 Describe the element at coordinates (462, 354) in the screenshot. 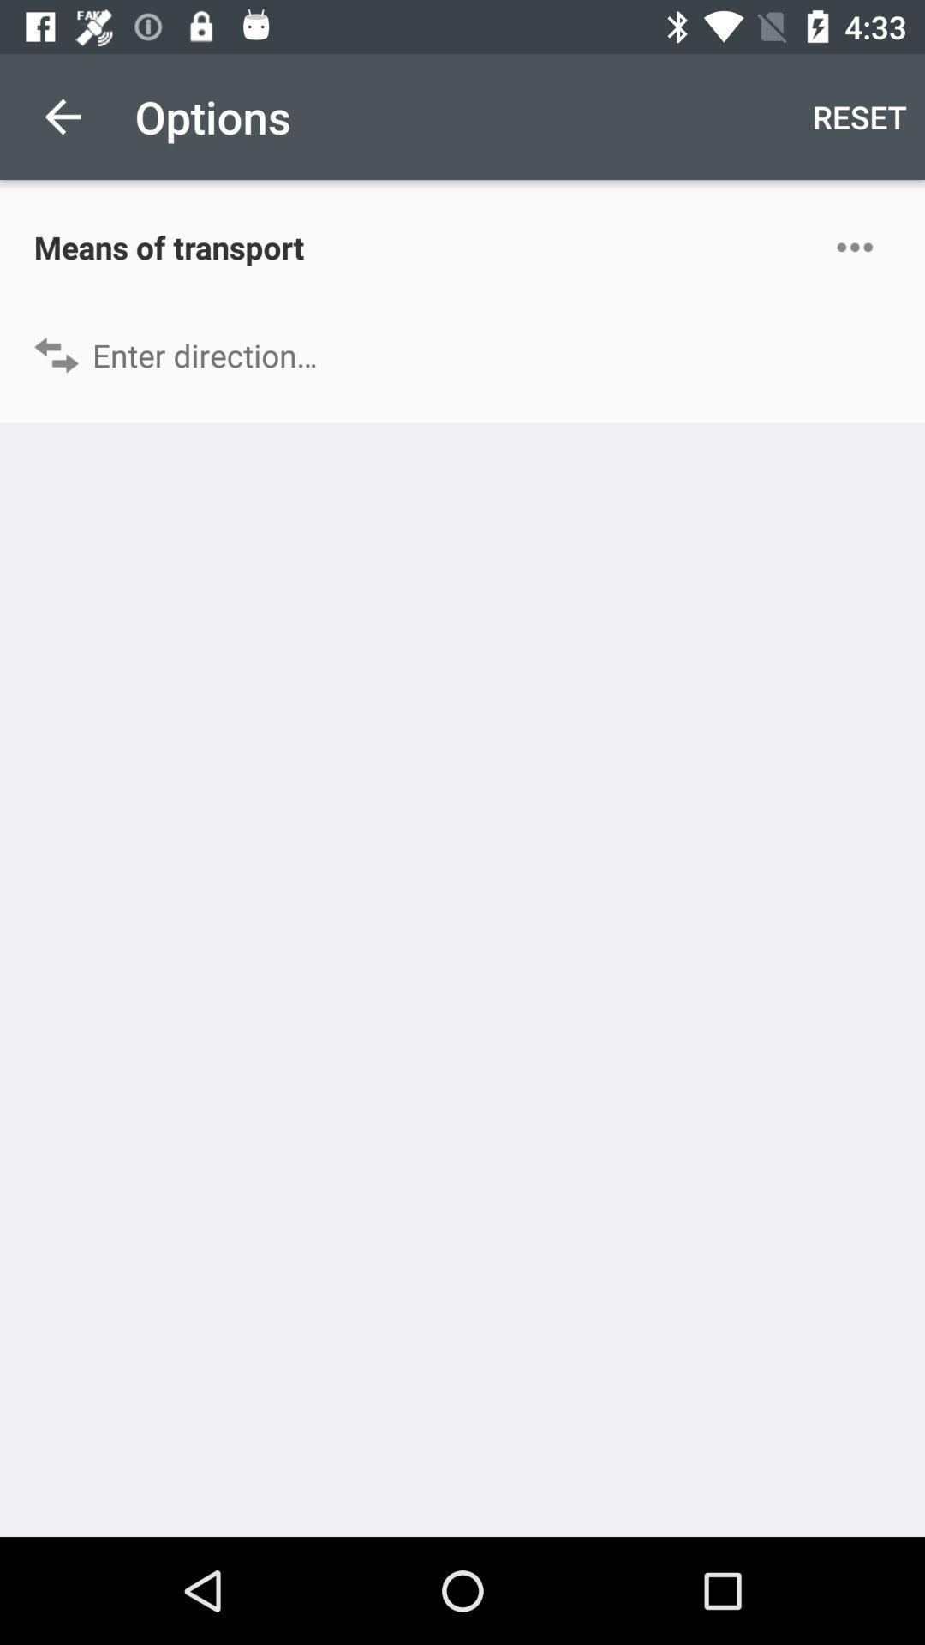

I see `direction` at that location.